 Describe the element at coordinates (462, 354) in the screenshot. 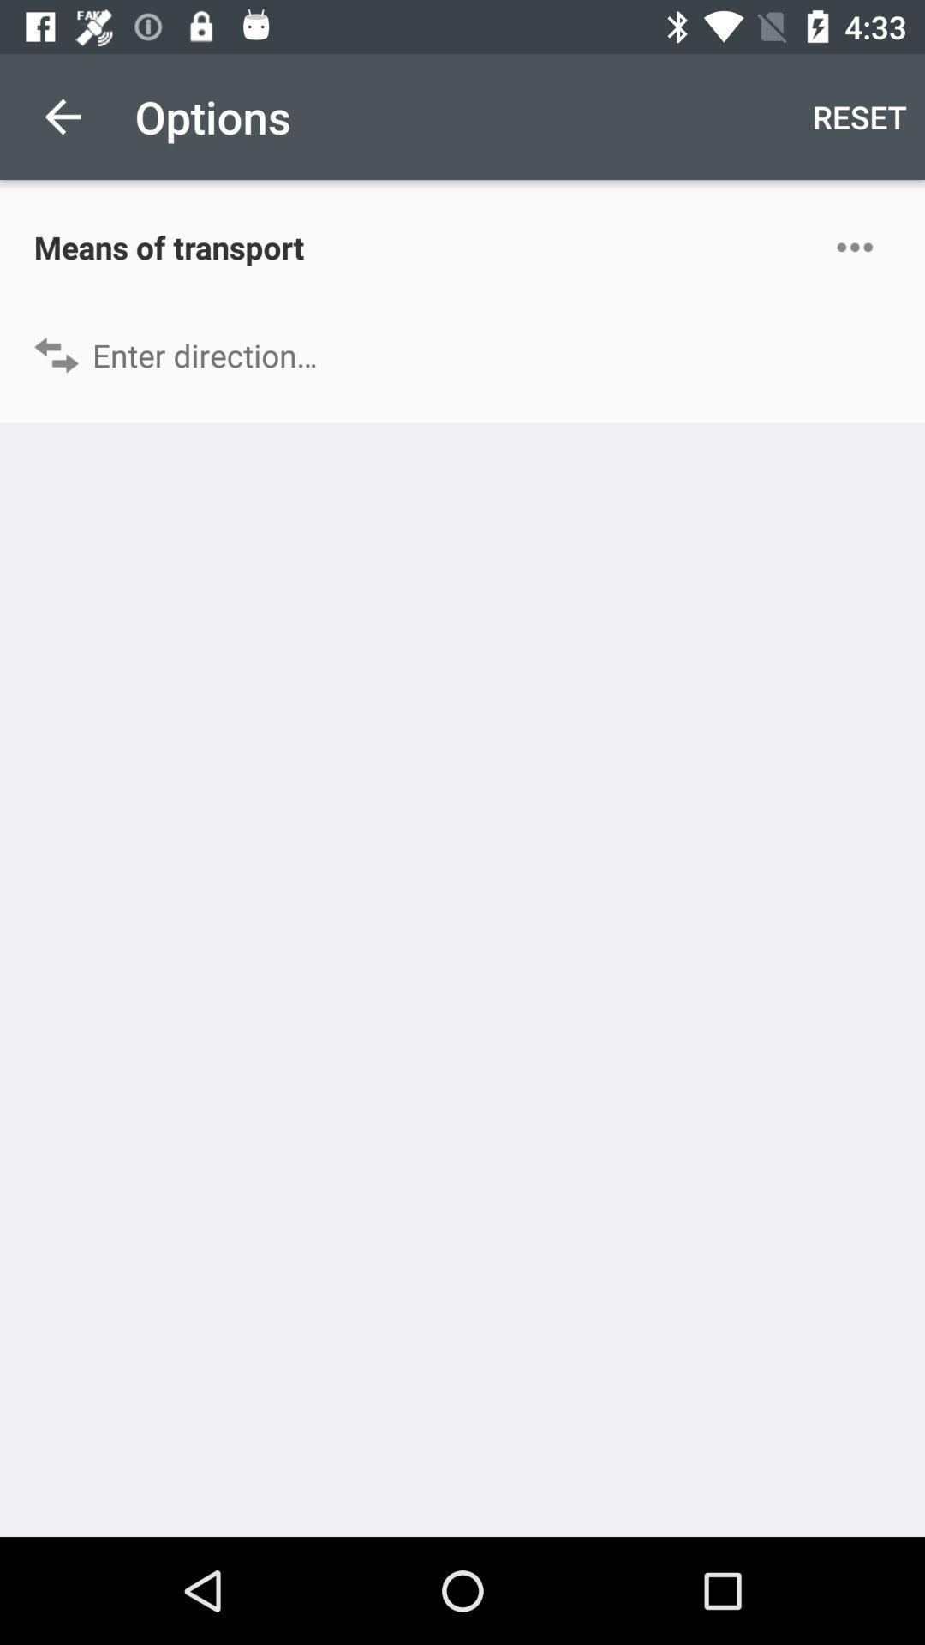

I see `direction` at that location.